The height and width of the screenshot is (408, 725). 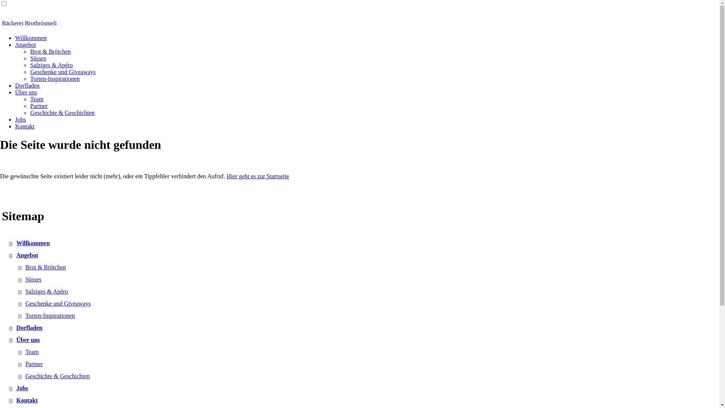 I want to click on 'Dorfladen', so click(x=15, y=85).